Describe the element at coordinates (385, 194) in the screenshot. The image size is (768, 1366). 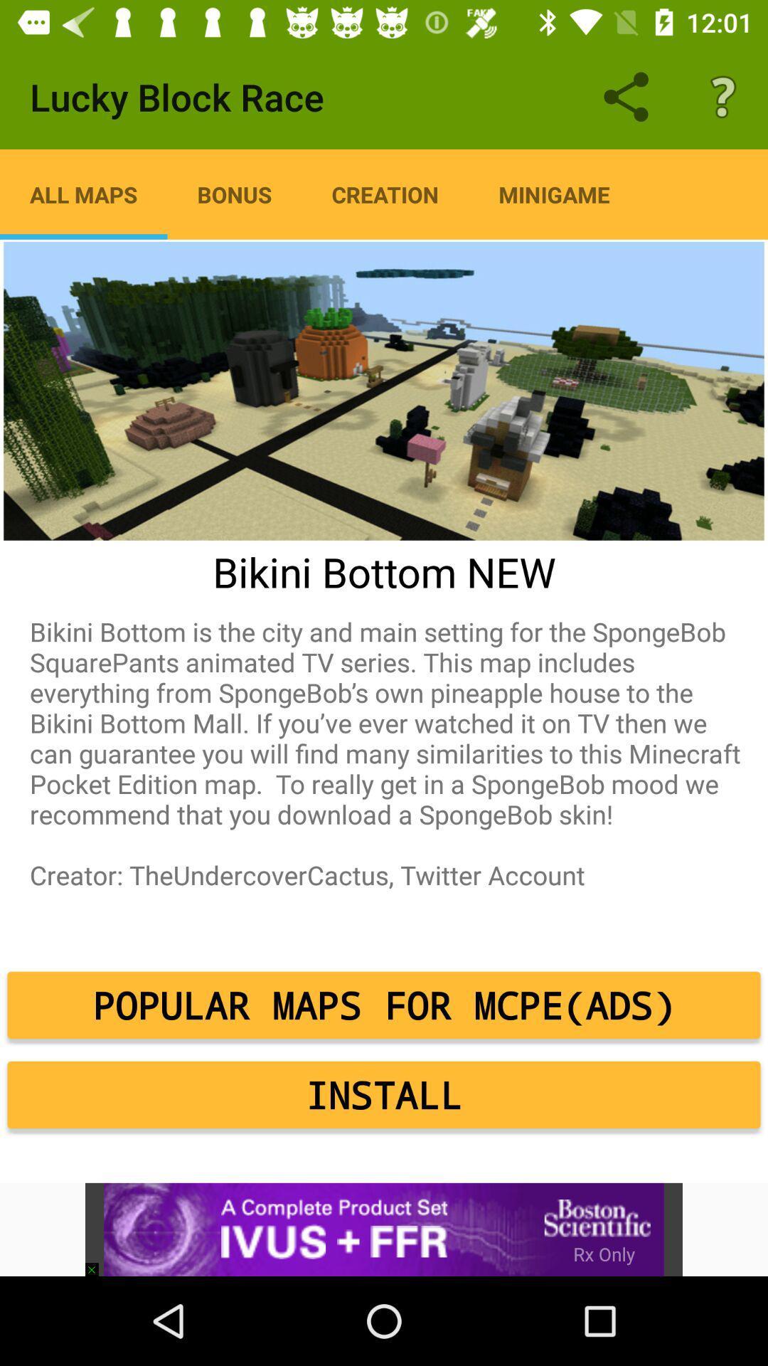
I see `item next to bonus app` at that location.